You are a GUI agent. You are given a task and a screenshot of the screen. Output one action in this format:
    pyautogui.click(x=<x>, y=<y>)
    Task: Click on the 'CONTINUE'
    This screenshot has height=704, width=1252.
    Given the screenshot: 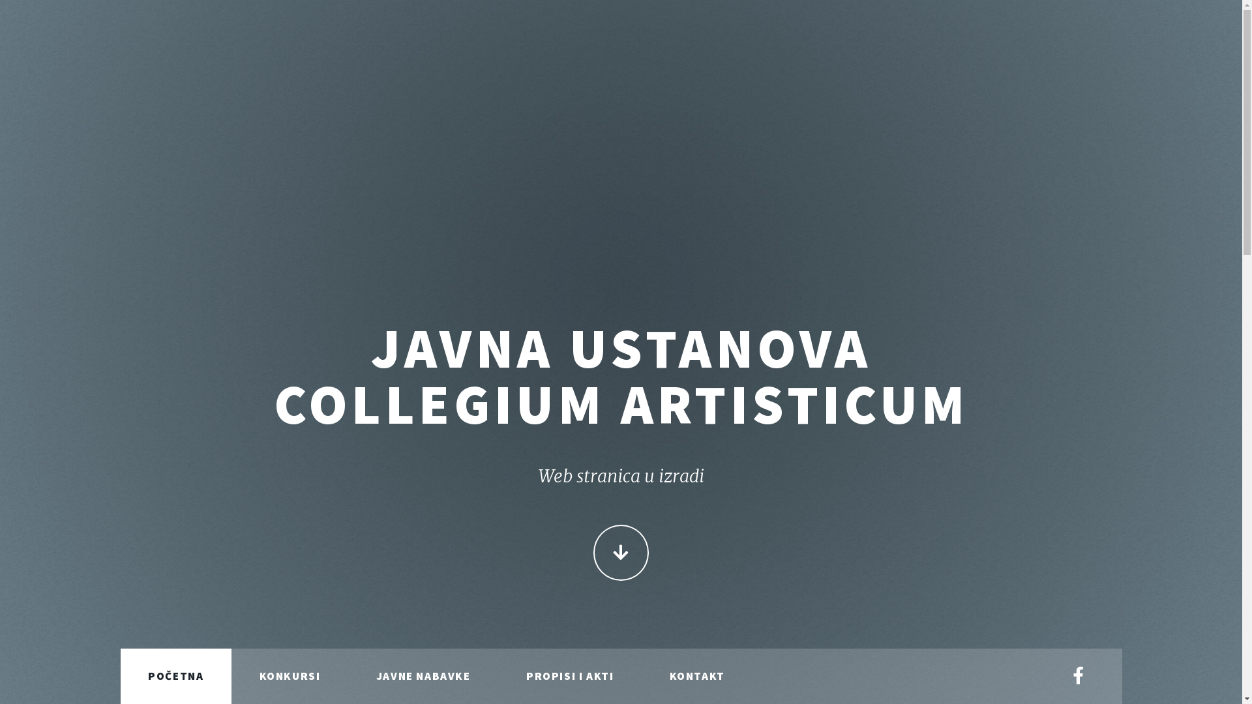 What is the action you would take?
    pyautogui.click(x=620, y=552)
    